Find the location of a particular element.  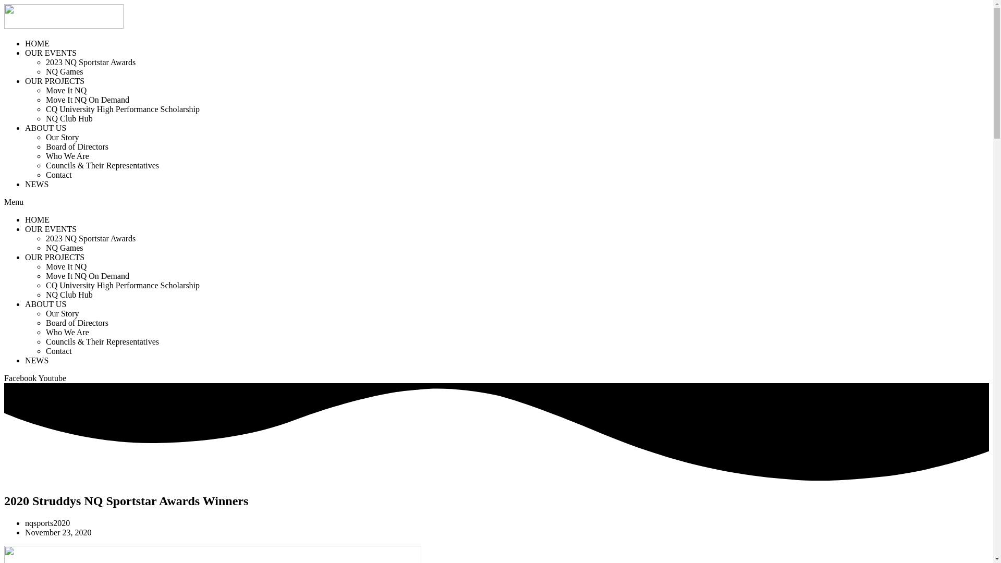

'Facebook' is located at coordinates (21, 378).